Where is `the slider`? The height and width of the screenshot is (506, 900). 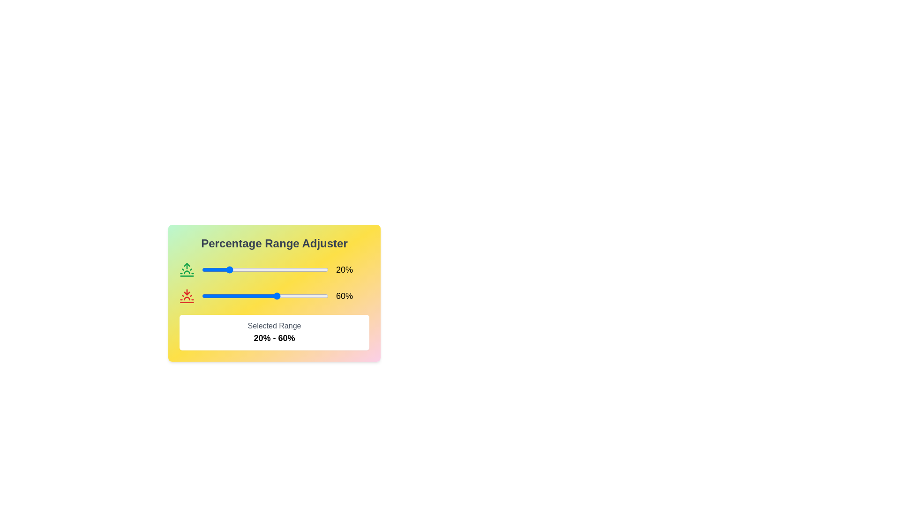 the slider is located at coordinates (263, 269).